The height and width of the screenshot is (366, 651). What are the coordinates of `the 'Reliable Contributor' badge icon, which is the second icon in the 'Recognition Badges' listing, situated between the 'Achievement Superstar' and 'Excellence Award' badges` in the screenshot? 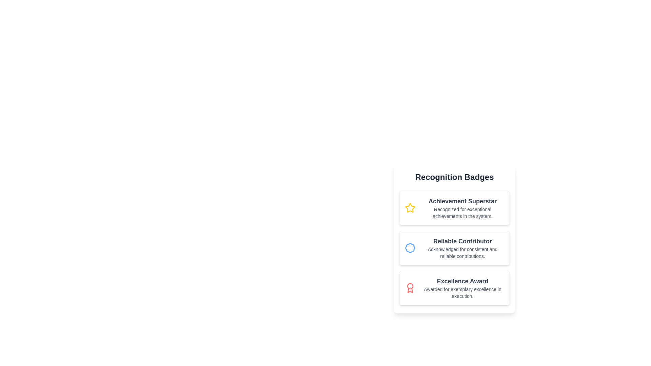 It's located at (410, 248).